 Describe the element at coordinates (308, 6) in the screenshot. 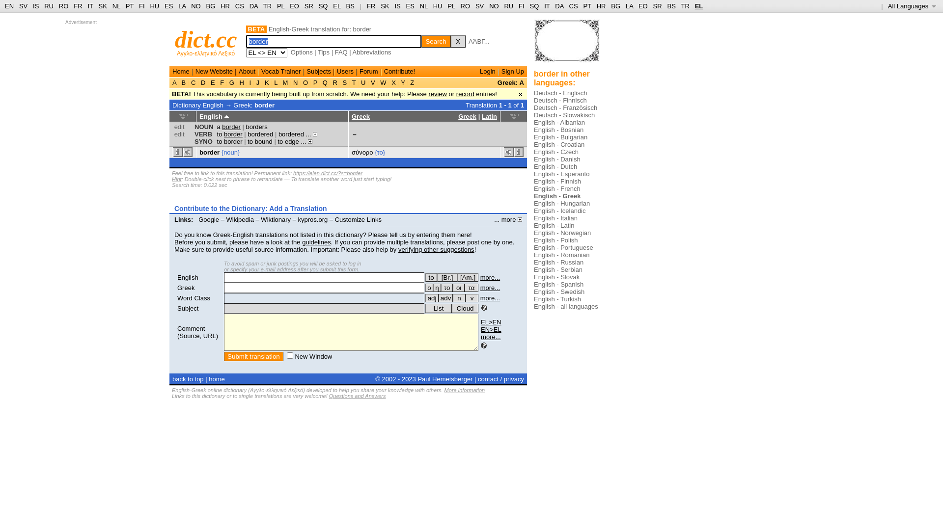

I see `'SR'` at that location.